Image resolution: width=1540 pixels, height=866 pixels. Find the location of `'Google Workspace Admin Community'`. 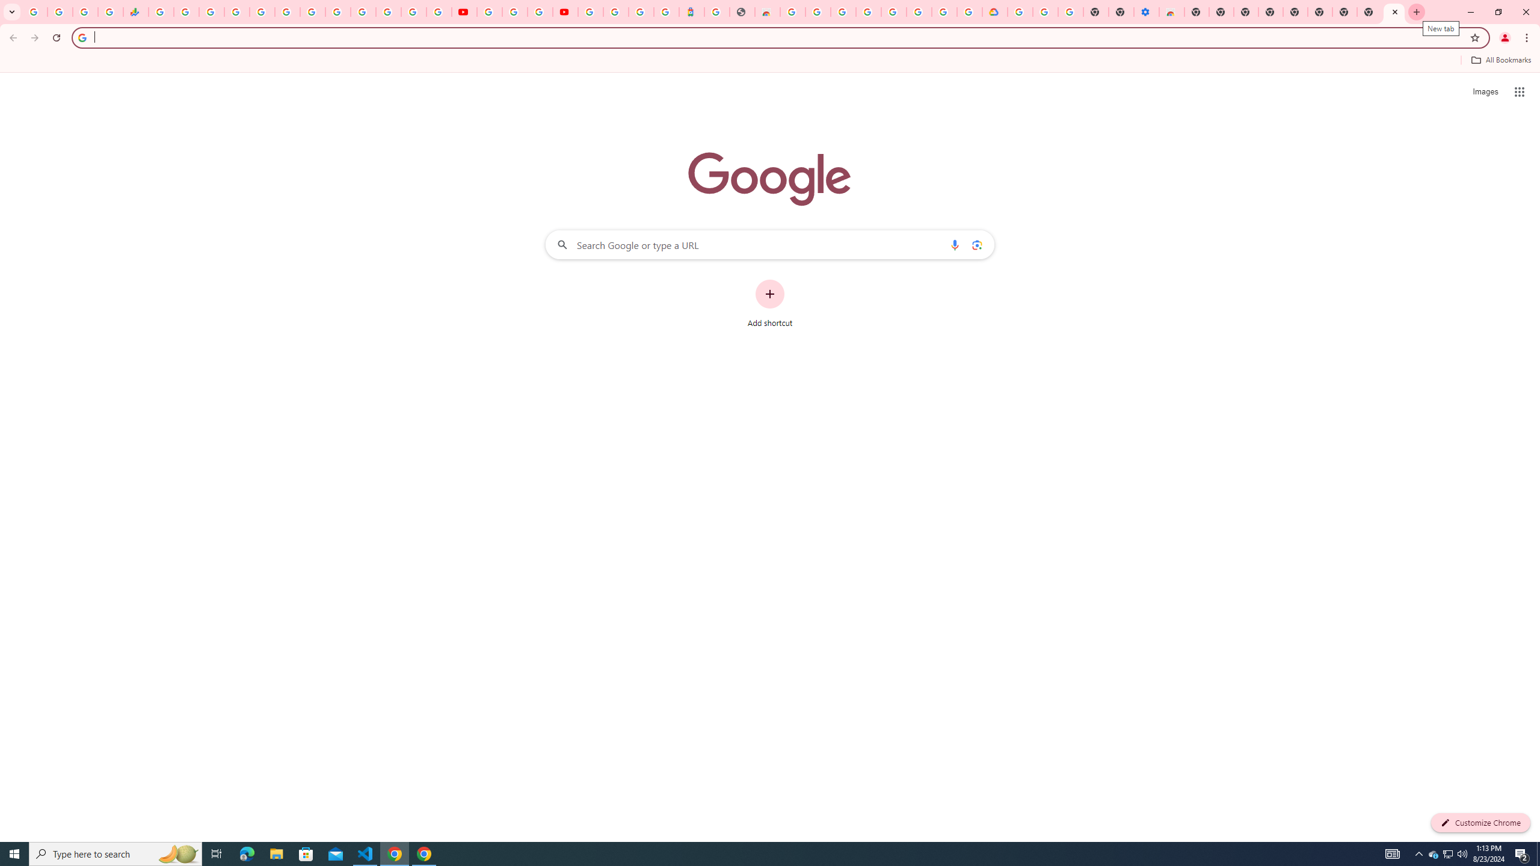

'Google Workspace Admin Community' is located at coordinates (34, 11).